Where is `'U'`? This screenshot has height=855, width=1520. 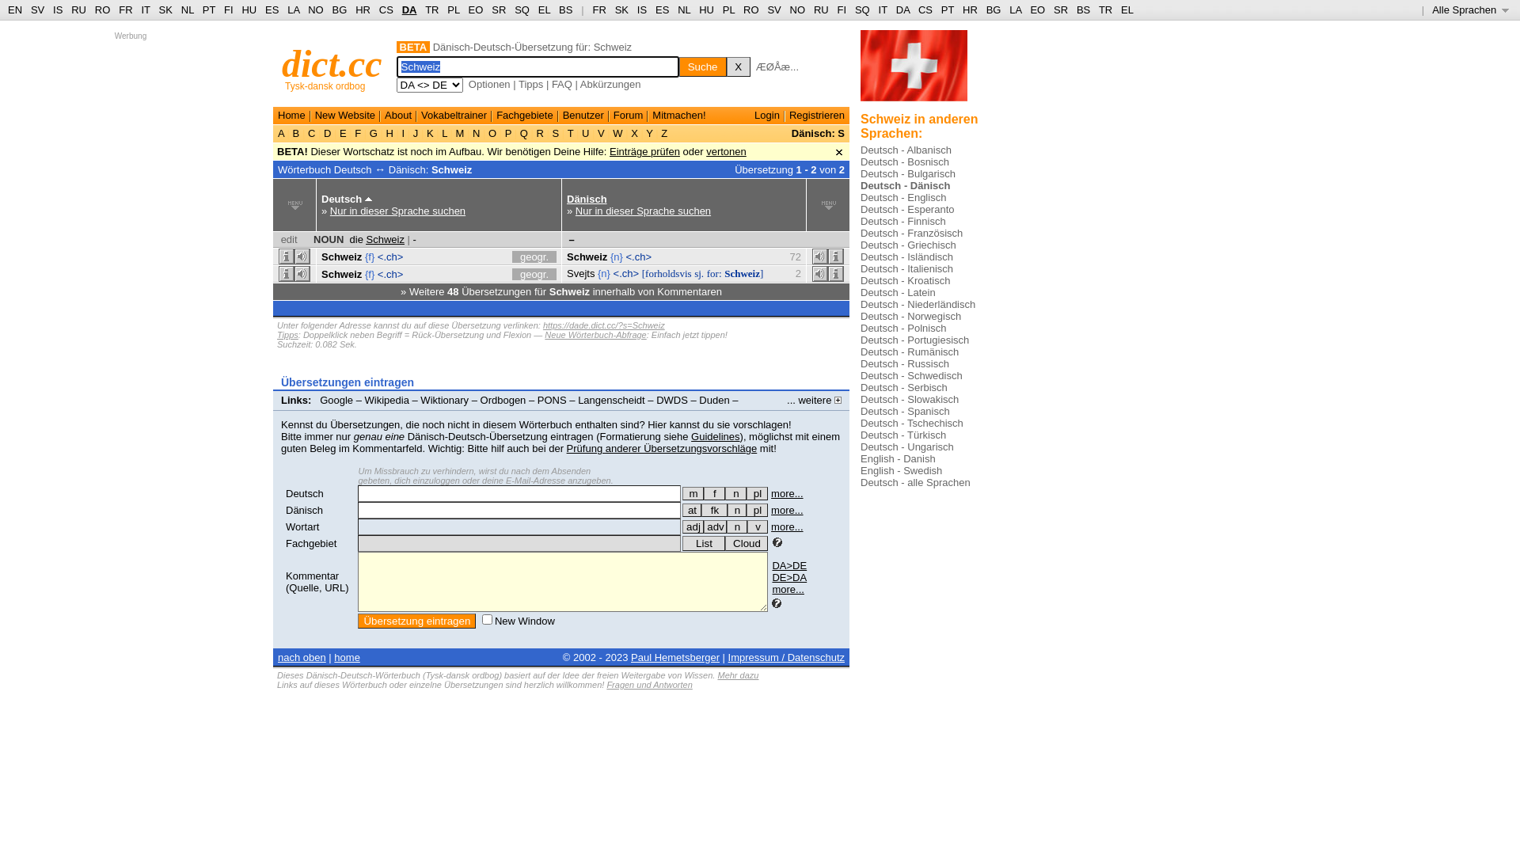
'U' is located at coordinates (584, 132).